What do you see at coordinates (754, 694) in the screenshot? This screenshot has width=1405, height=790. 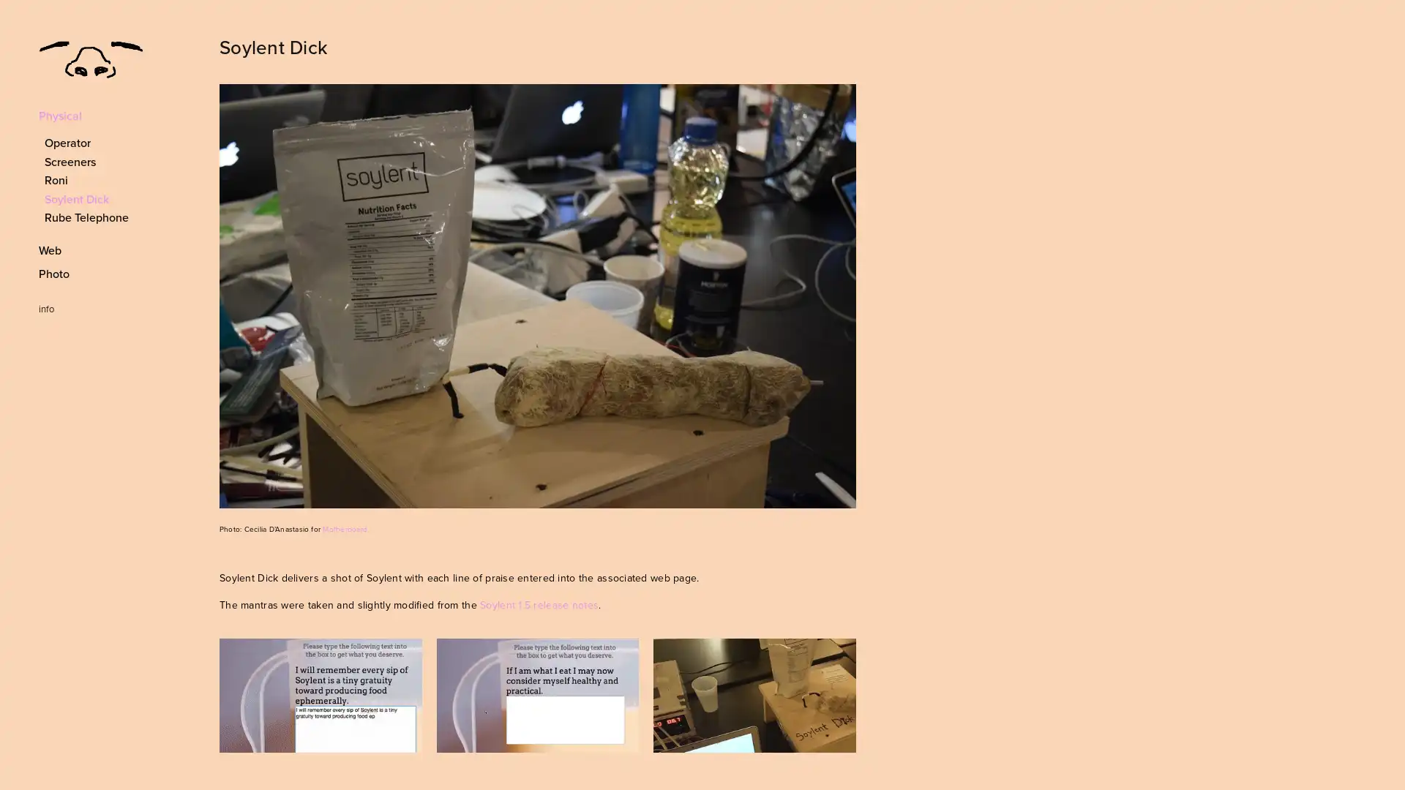 I see `View fullsize soylent-dick.jpg` at bounding box center [754, 694].